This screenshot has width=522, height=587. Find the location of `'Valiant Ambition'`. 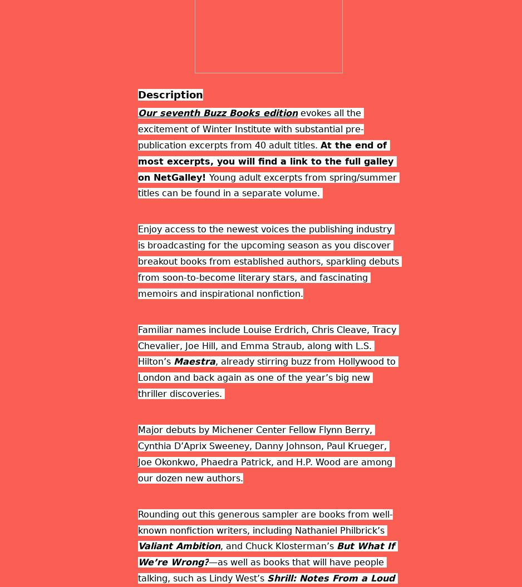

'Valiant Ambition' is located at coordinates (179, 546).